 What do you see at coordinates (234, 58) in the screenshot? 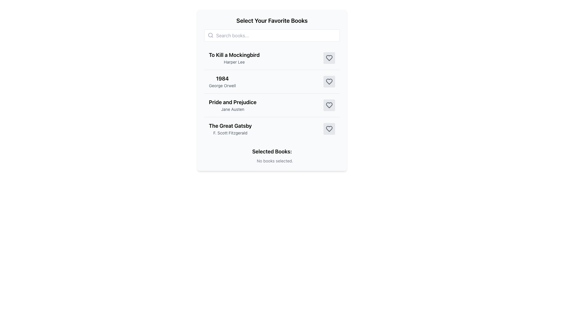
I see `the first item in the list displaying the book title 'To Kill a Mockingbird' and its author 'Harper Lee'` at bounding box center [234, 58].